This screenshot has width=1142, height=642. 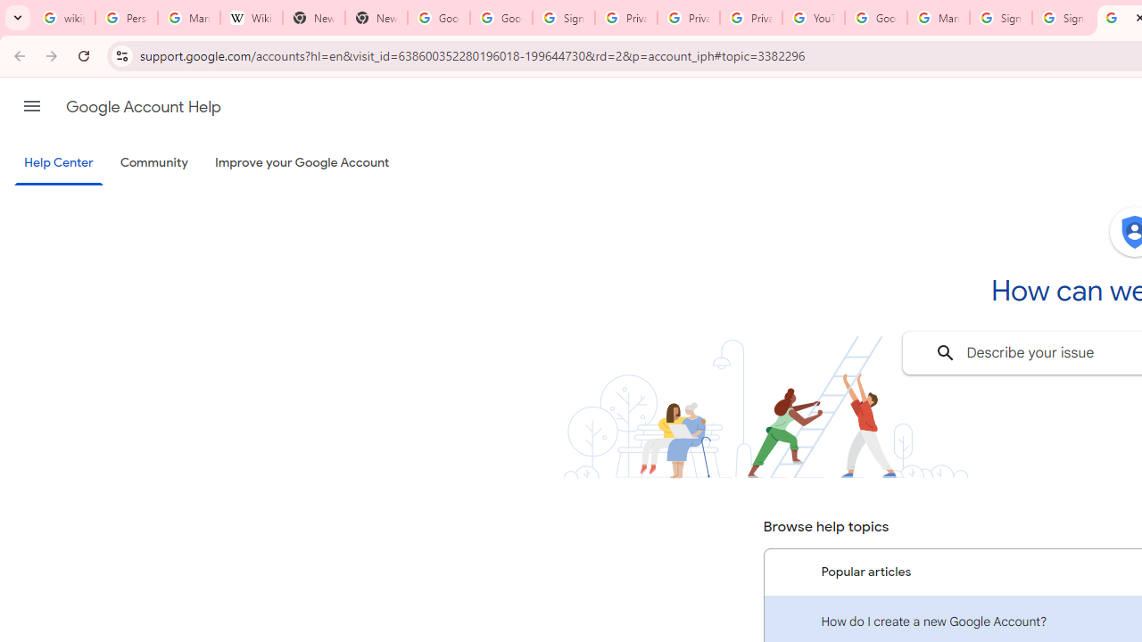 What do you see at coordinates (58, 163) in the screenshot?
I see `'Help Center'` at bounding box center [58, 163].